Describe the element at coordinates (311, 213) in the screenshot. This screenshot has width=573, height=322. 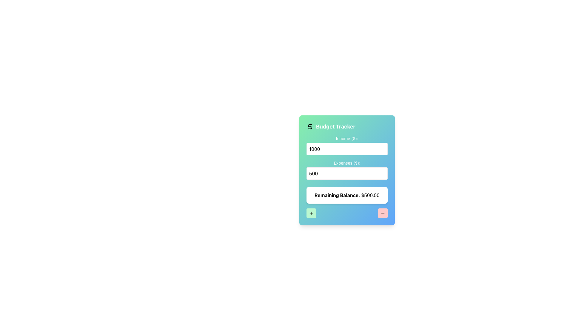
I see `the leftmost circular button with a green background and a black plus symbol icon, located in the Budget Tracker card` at that location.